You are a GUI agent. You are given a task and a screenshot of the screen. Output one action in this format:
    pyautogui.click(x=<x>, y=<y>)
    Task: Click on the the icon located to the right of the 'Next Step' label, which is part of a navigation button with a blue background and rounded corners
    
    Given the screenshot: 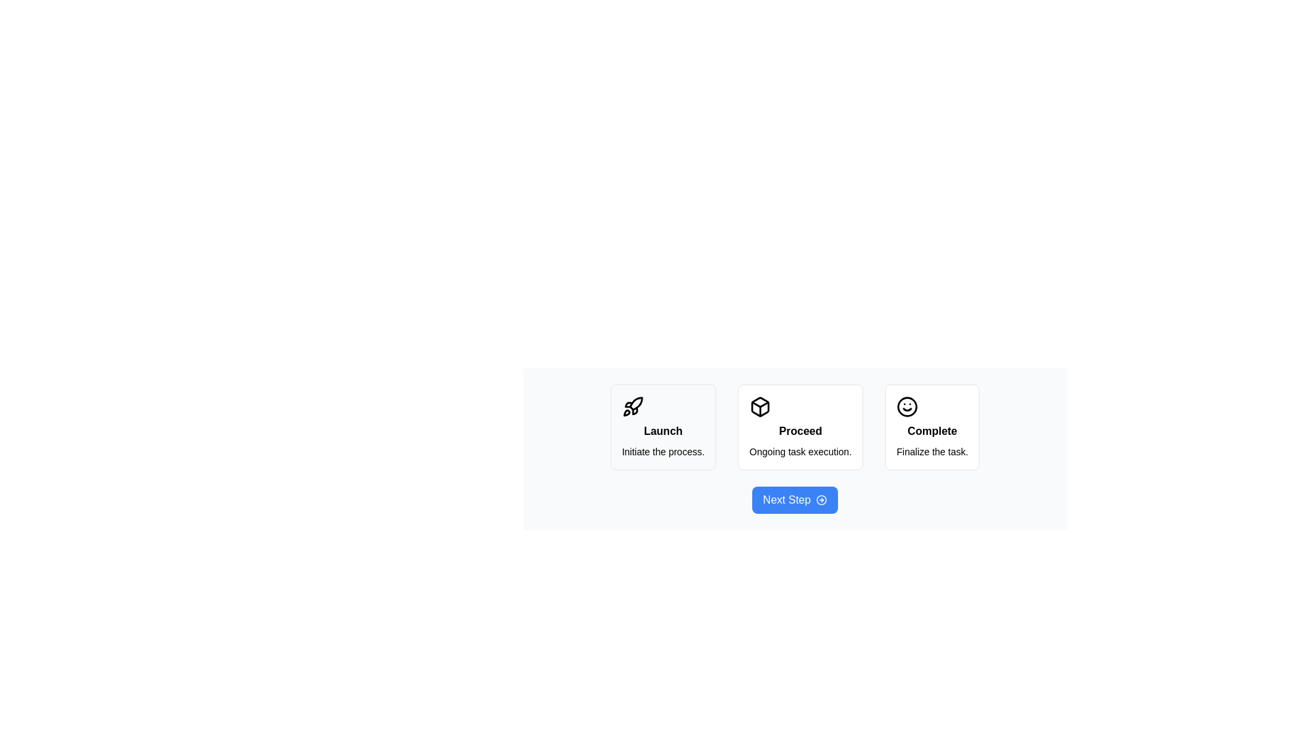 What is the action you would take?
    pyautogui.click(x=821, y=500)
    